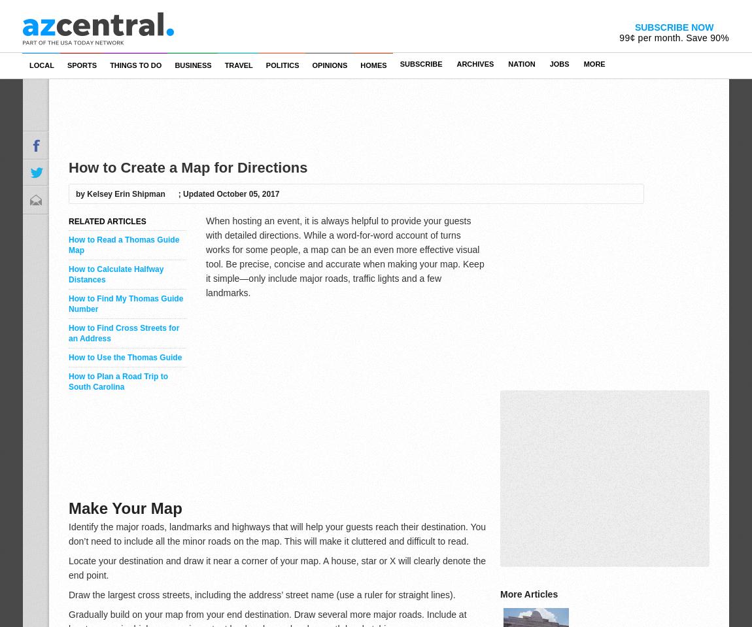 This screenshot has width=752, height=627. I want to click on 'When hosting an event, it is always helpful to provide your guests with detailed directions. While a word-for-word account of turns works for some people, a map can be an even more effective visual tool. Be precise, concise and accurate when making your map. Keep it simple—only include major roads, traffic lights and a few landmarks.', so click(345, 256).